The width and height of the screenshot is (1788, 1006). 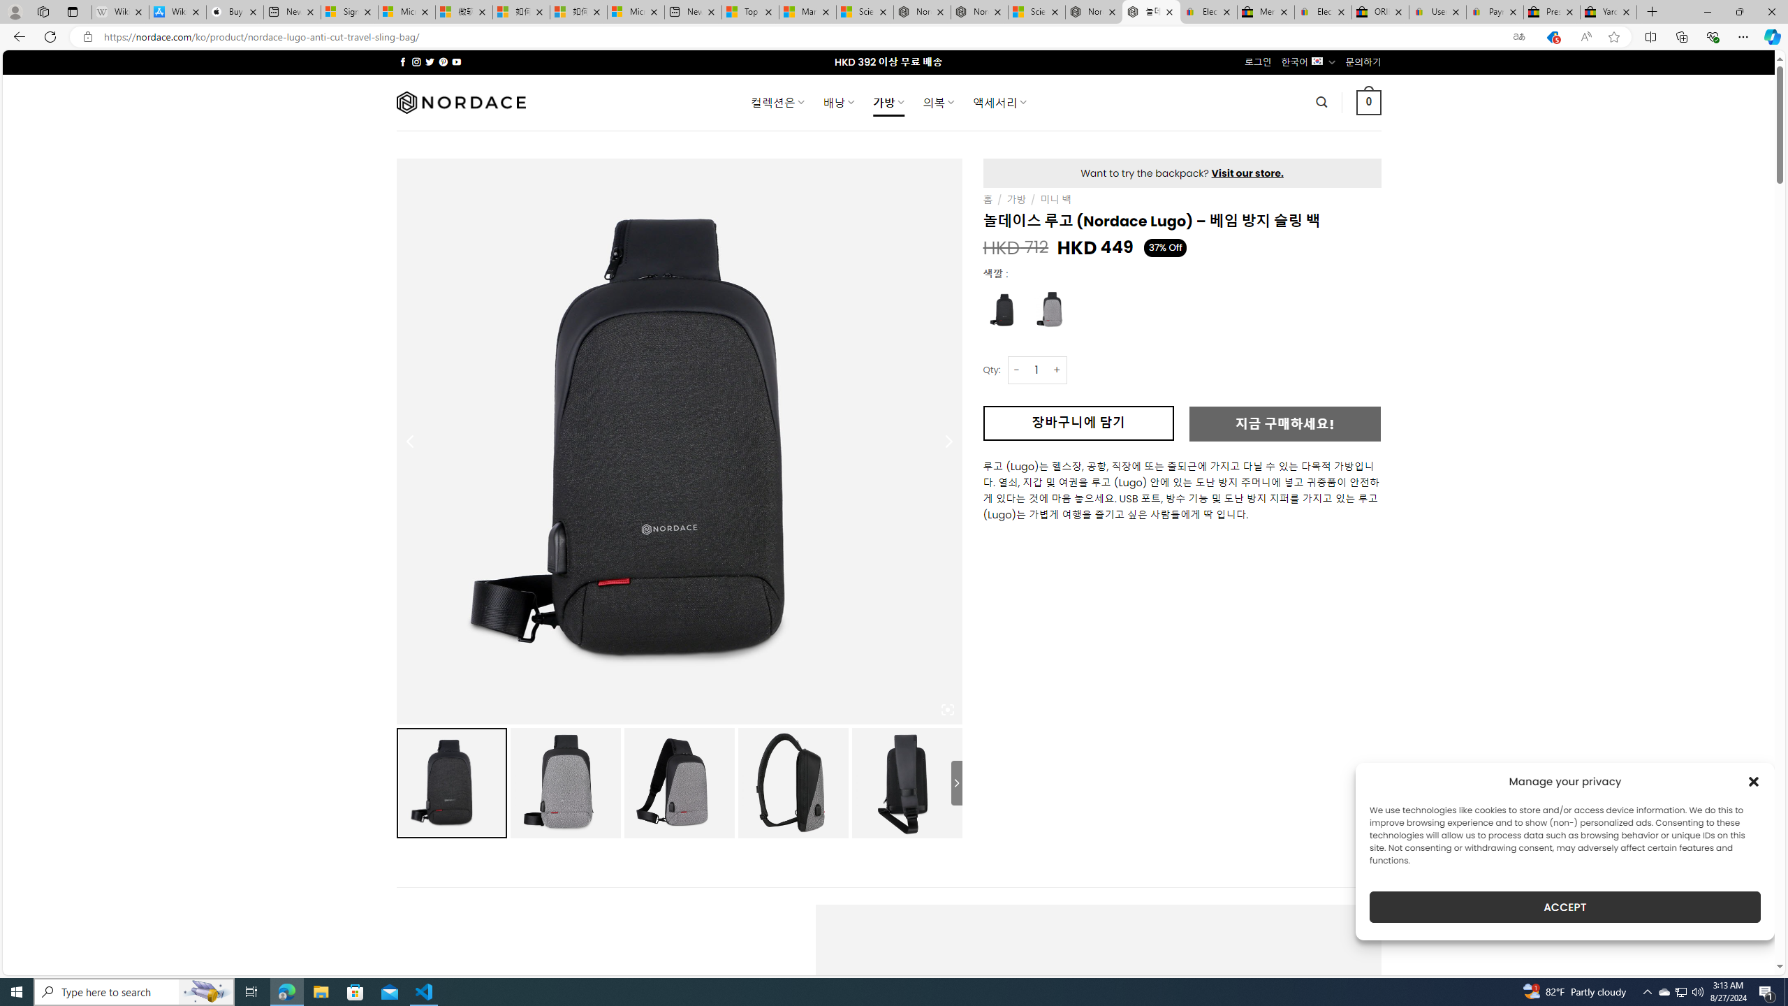 I want to click on 'This site has coupons! Shopping in Microsoft Edge, 5', so click(x=1551, y=37).